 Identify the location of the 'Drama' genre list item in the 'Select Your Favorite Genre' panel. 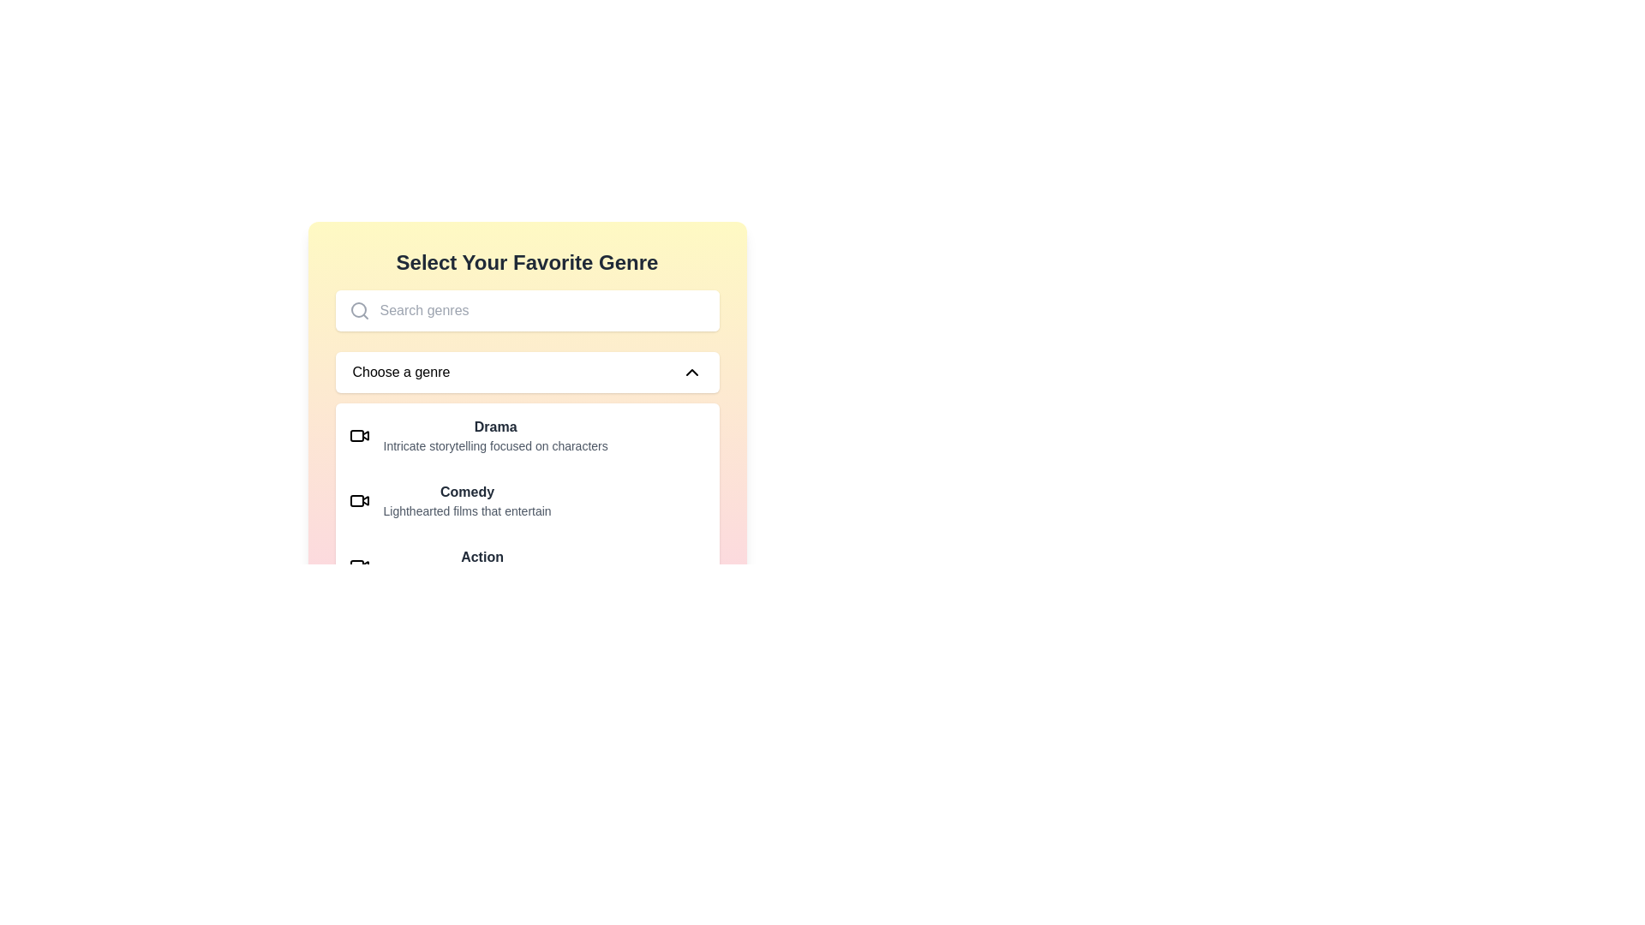
(526, 435).